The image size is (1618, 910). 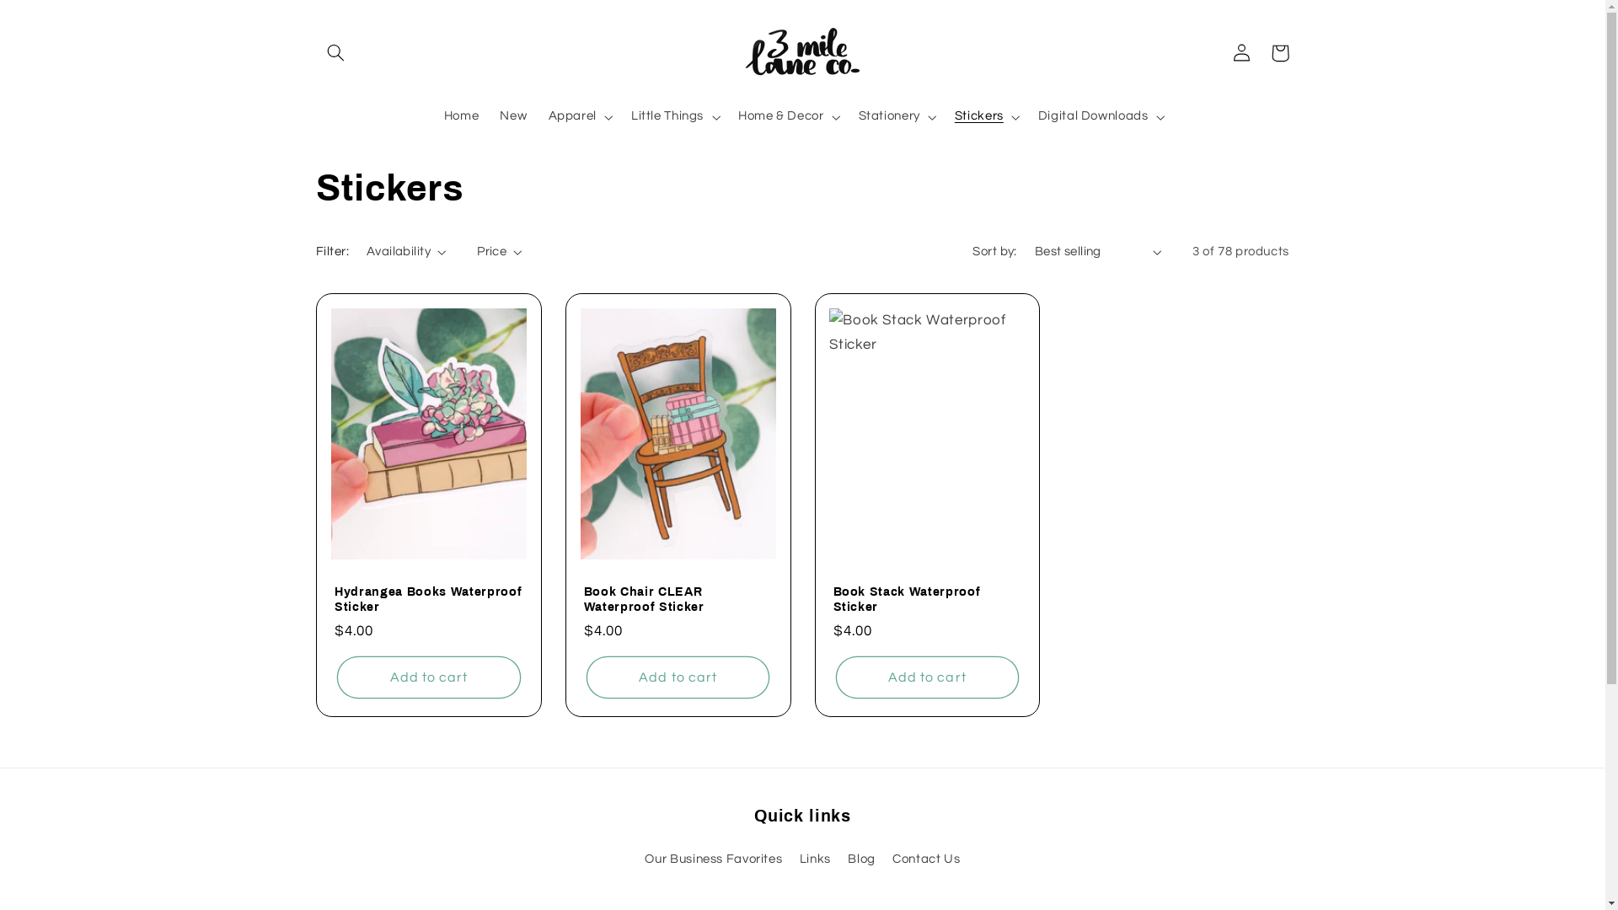 What do you see at coordinates (848, 859) in the screenshot?
I see `'Blog'` at bounding box center [848, 859].